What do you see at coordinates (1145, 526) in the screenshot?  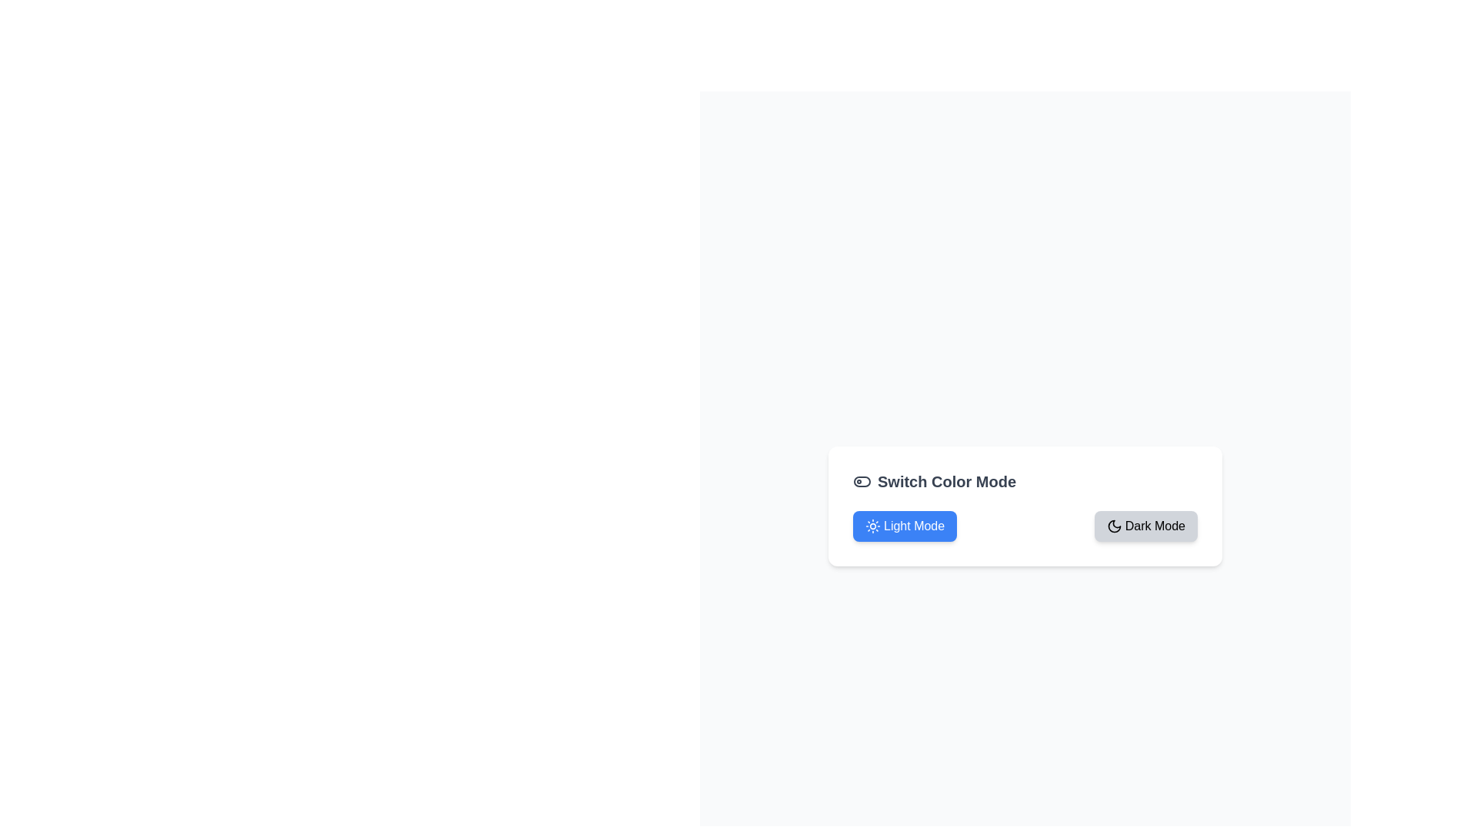 I see `the 'Dark Mode' button` at bounding box center [1145, 526].